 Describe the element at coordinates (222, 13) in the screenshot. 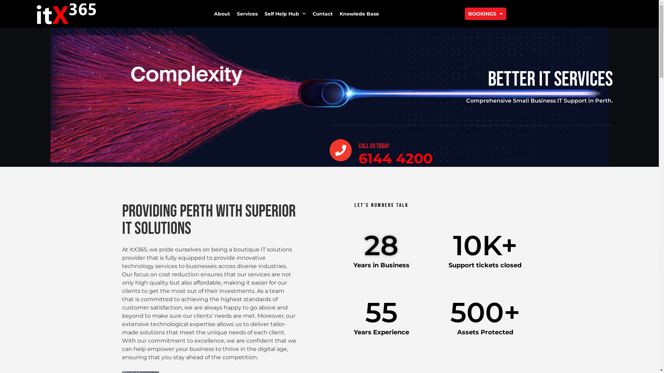

I see `'About'` at that location.